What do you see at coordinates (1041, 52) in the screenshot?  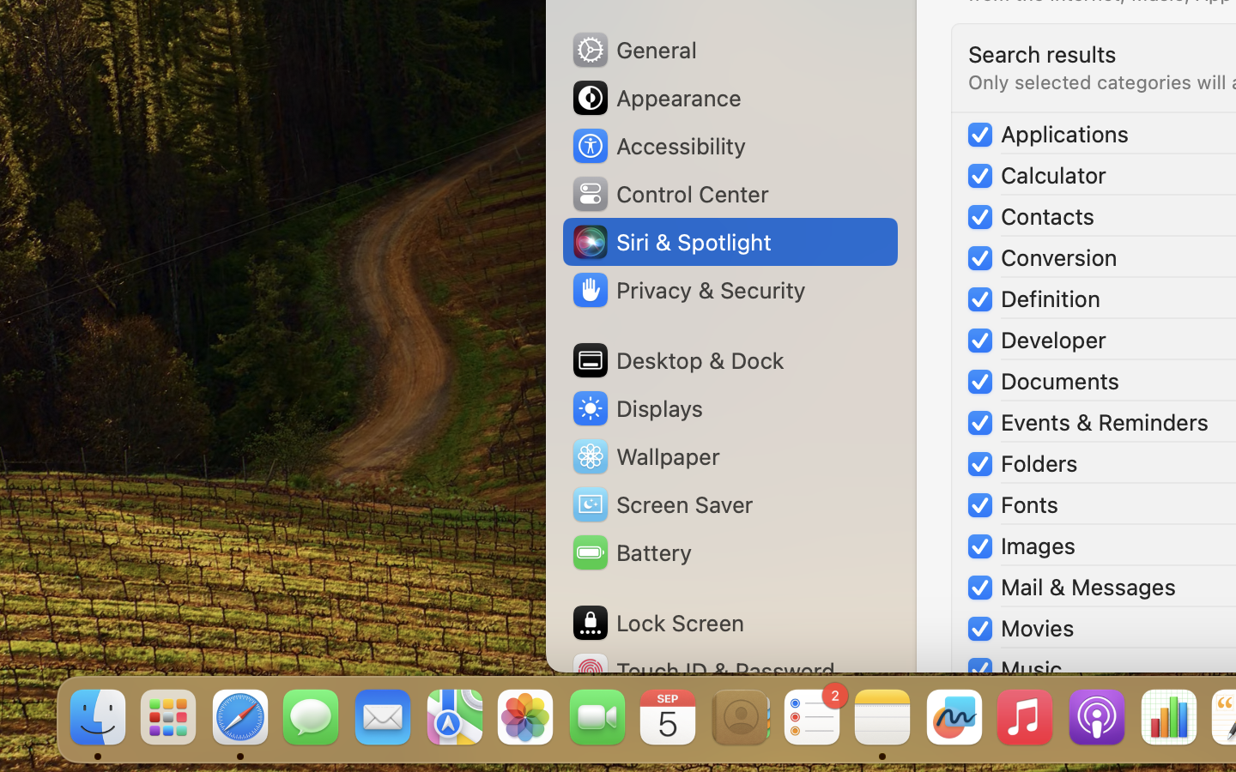 I see `'Search results'` at bounding box center [1041, 52].